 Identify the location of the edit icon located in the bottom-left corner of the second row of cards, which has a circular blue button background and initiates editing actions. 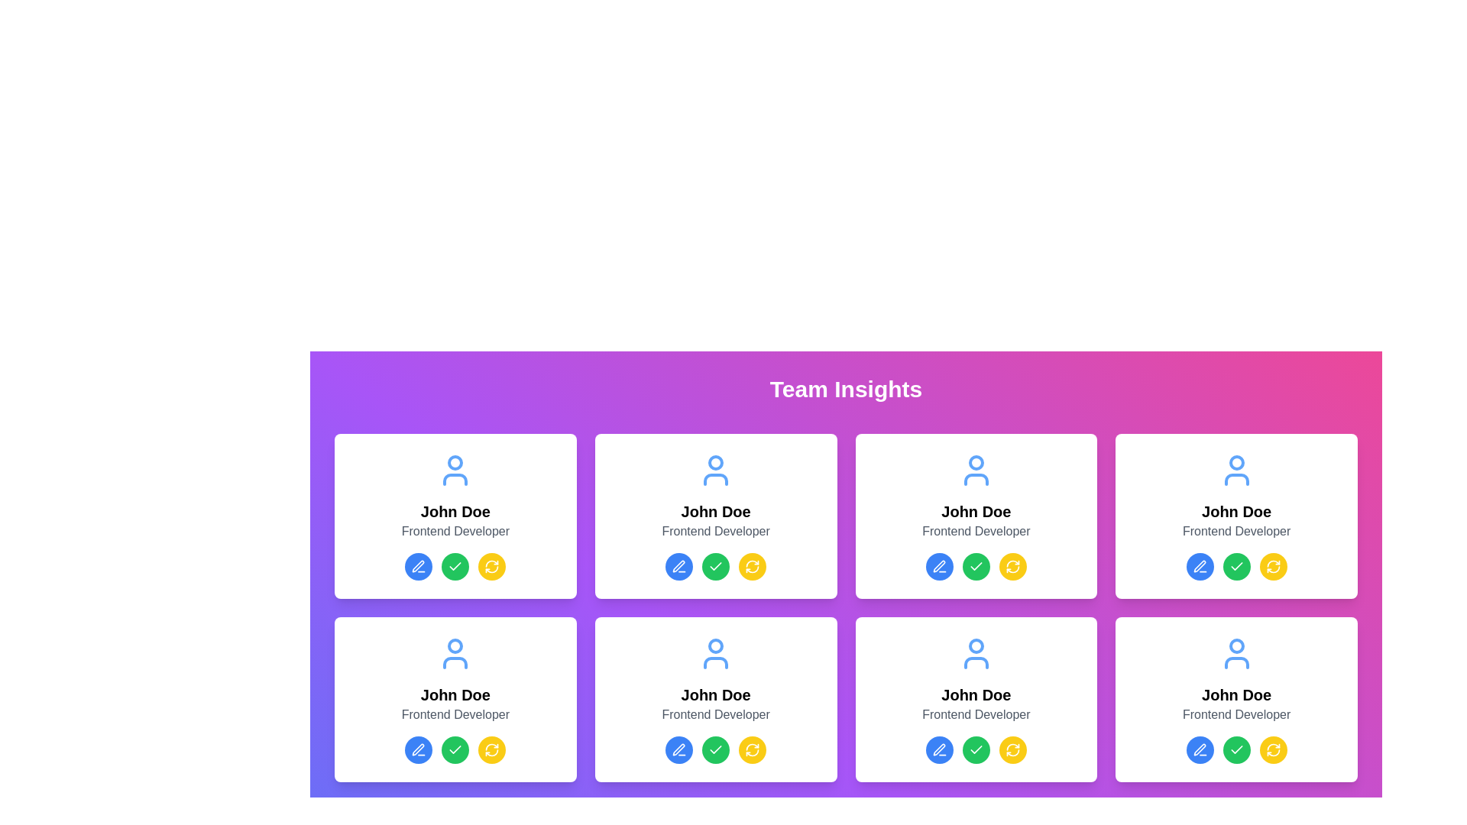
(419, 749).